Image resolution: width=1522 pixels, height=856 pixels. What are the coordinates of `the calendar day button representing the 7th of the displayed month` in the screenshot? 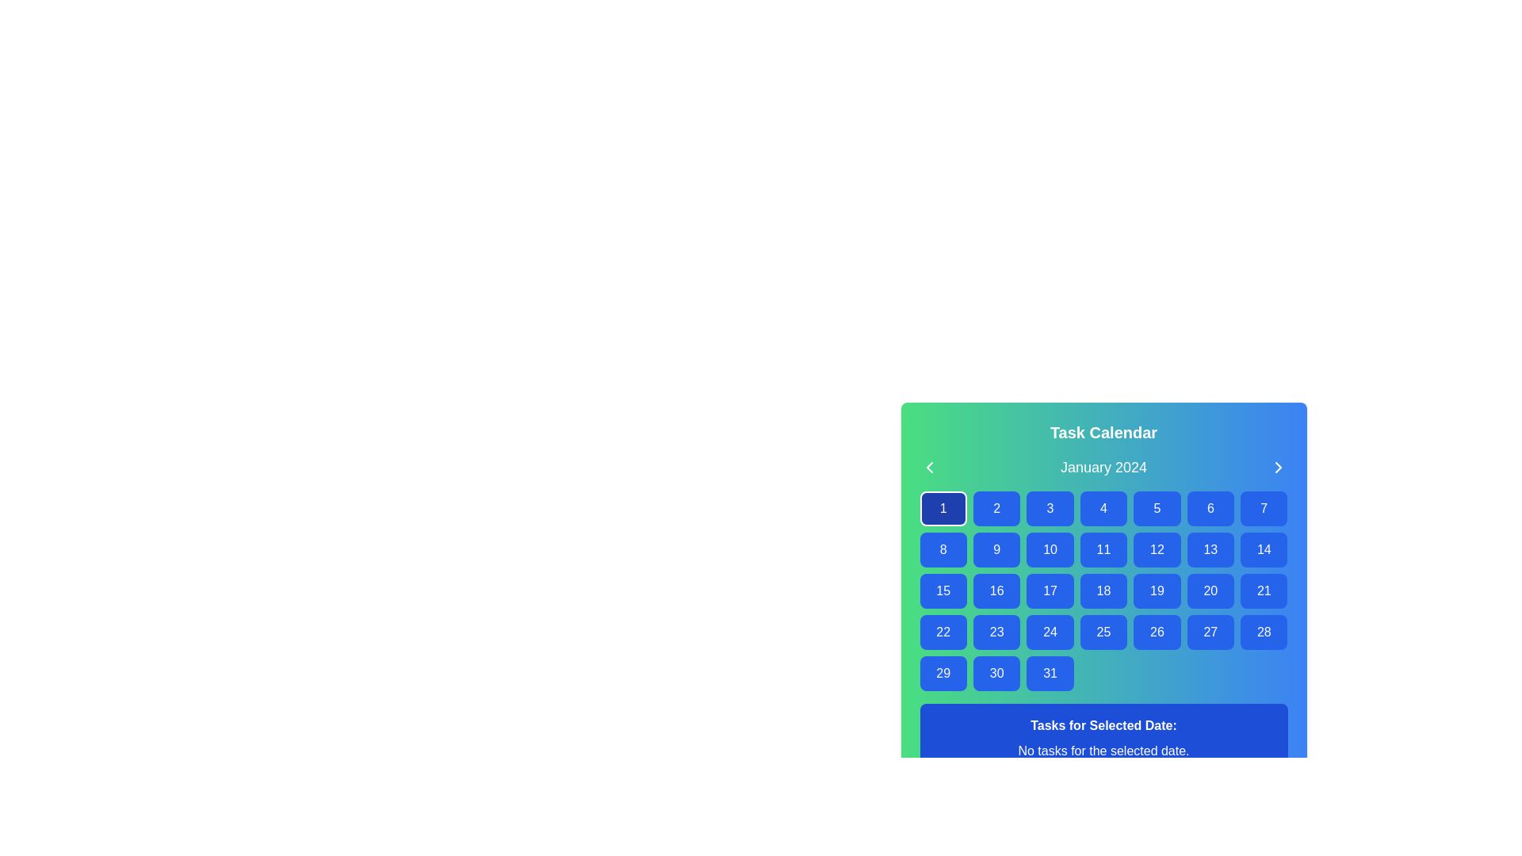 It's located at (1263, 508).